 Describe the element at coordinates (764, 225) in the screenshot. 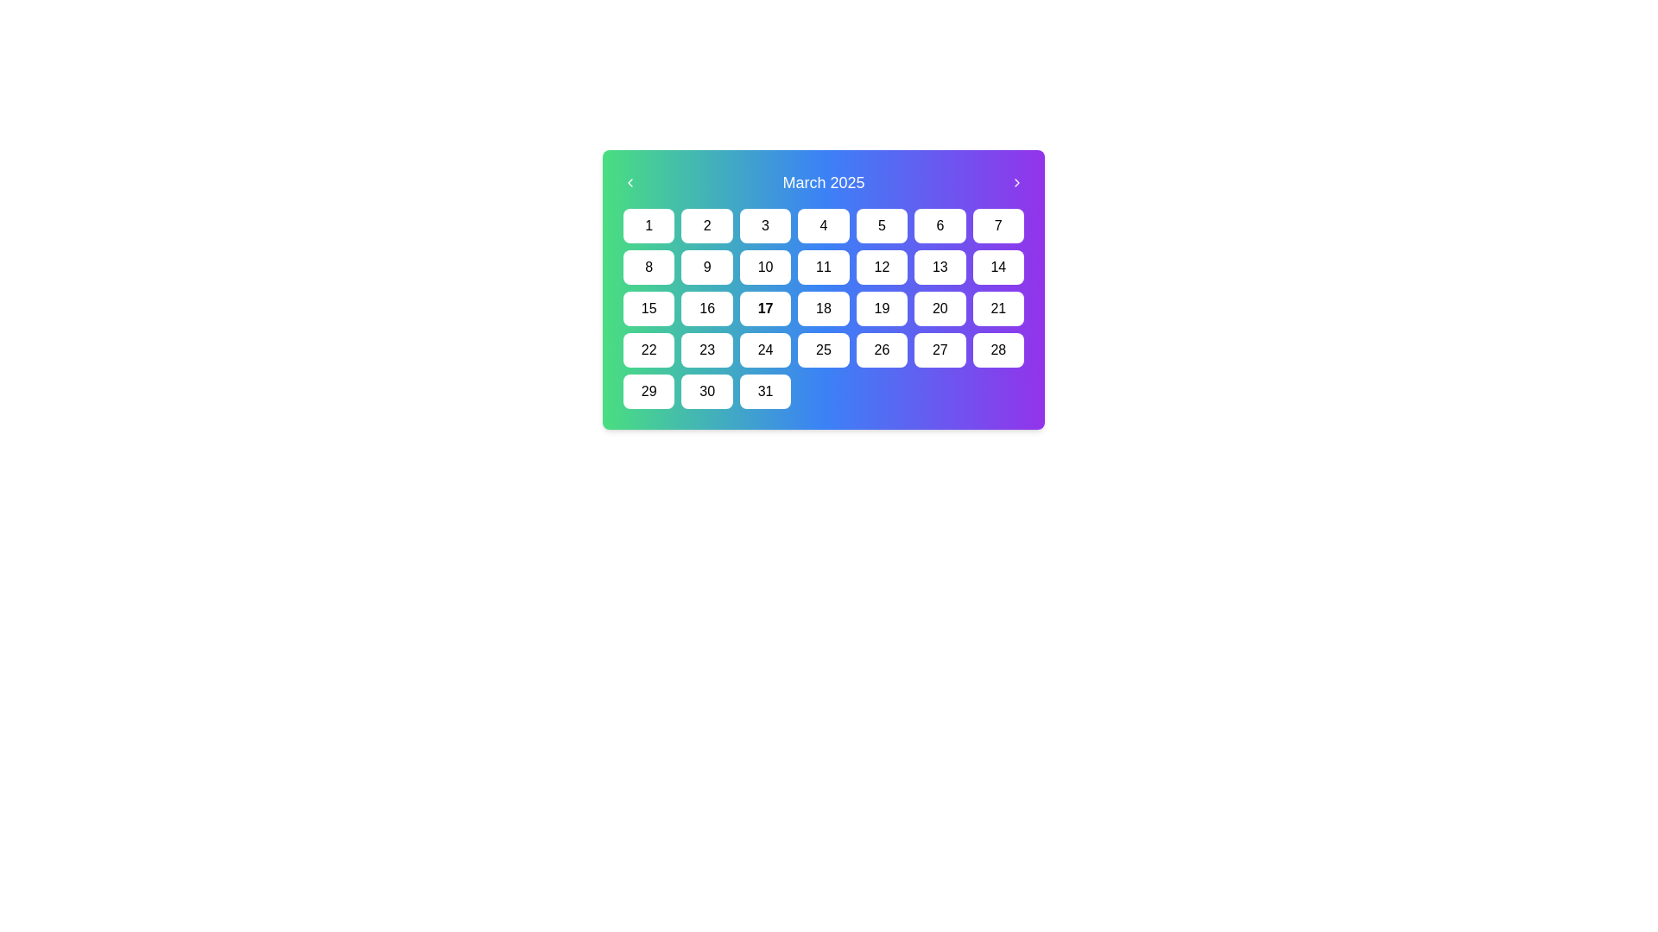

I see `the rounded rectangular button labeled '3' with a white background and black text to trigger hover effects` at that location.